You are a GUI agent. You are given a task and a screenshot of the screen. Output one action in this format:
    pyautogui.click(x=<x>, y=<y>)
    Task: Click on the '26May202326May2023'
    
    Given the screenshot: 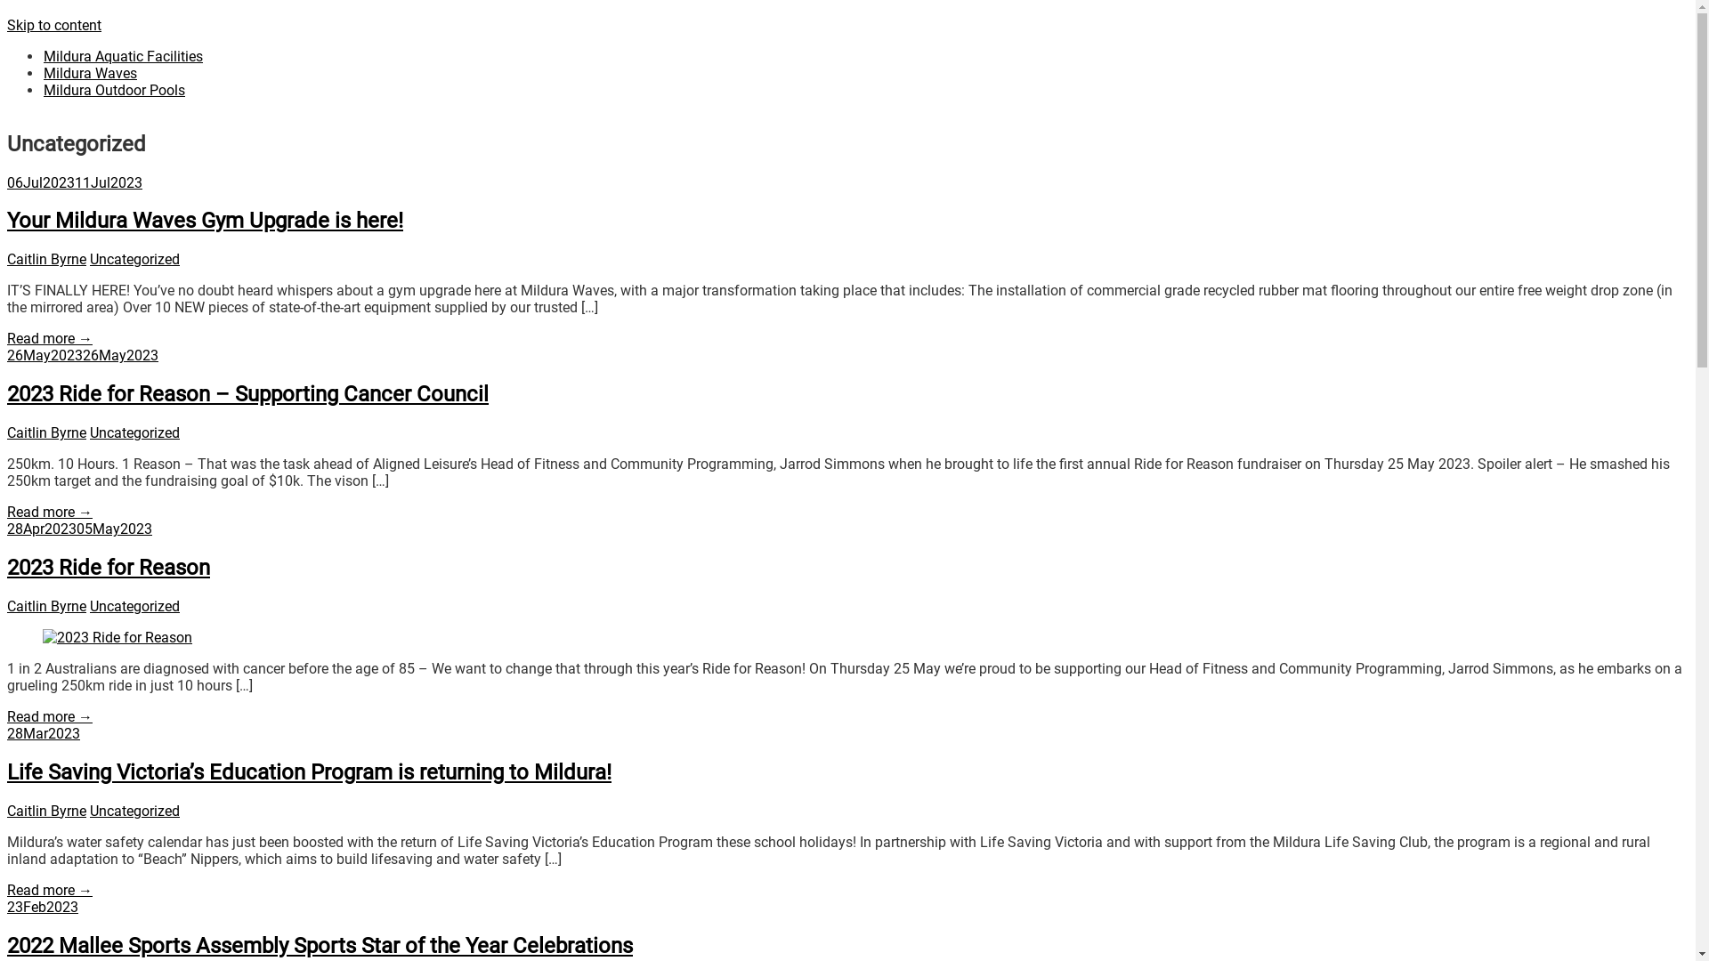 What is the action you would take?
    pyautogui.click(x=81, y=355)
    